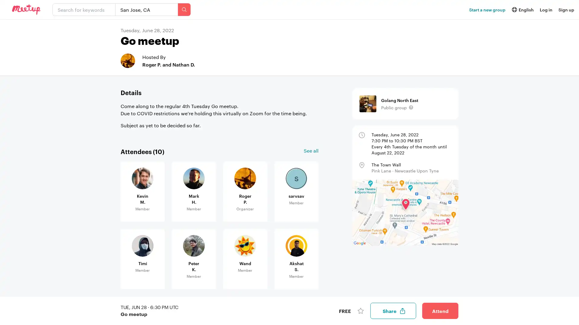  I want to click on icon English, so click(522, 9).